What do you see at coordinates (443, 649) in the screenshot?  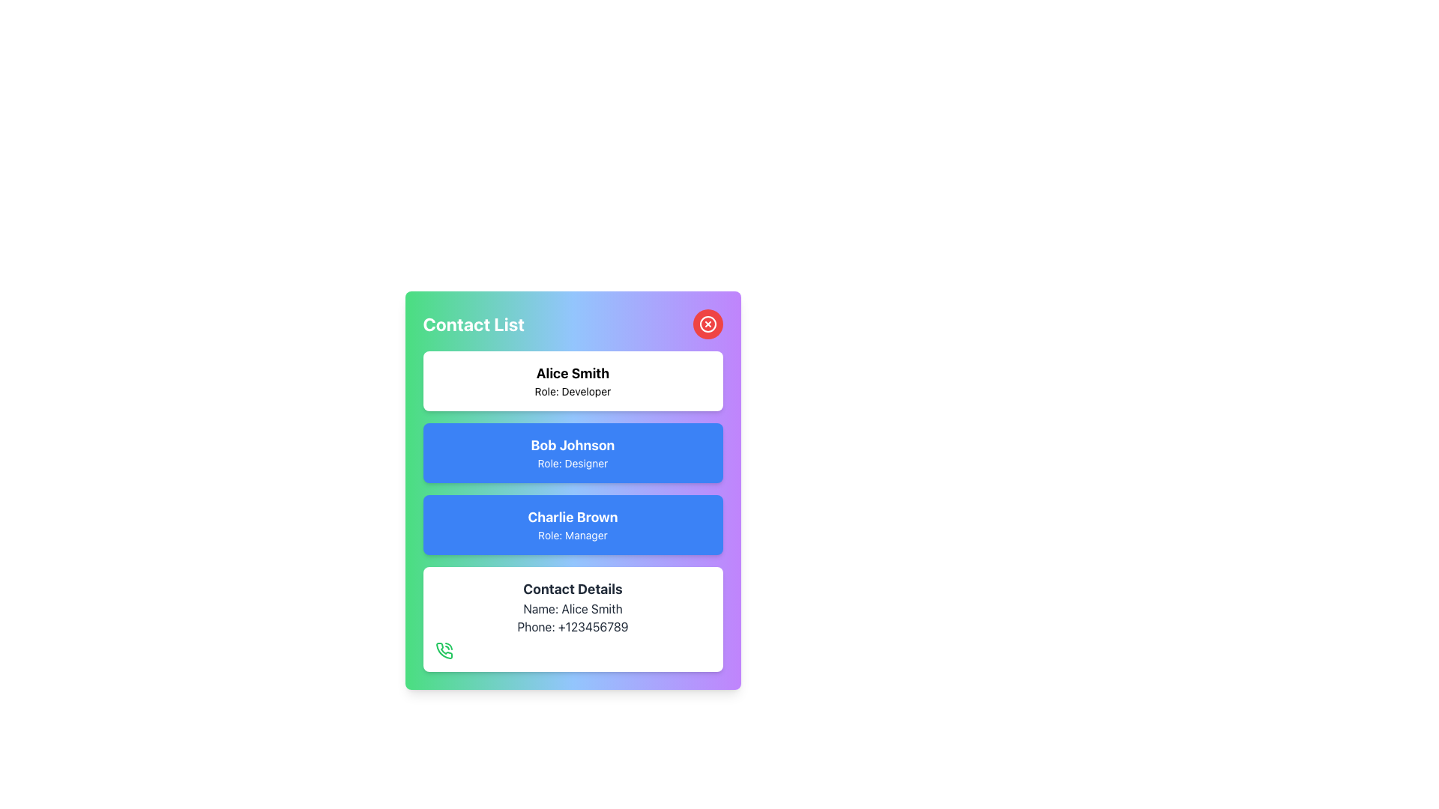 I see `the green circular phone icon located at the bottom-left corner of the 'Contact Details' section to initiate an action` at bounding box center [443, 649].